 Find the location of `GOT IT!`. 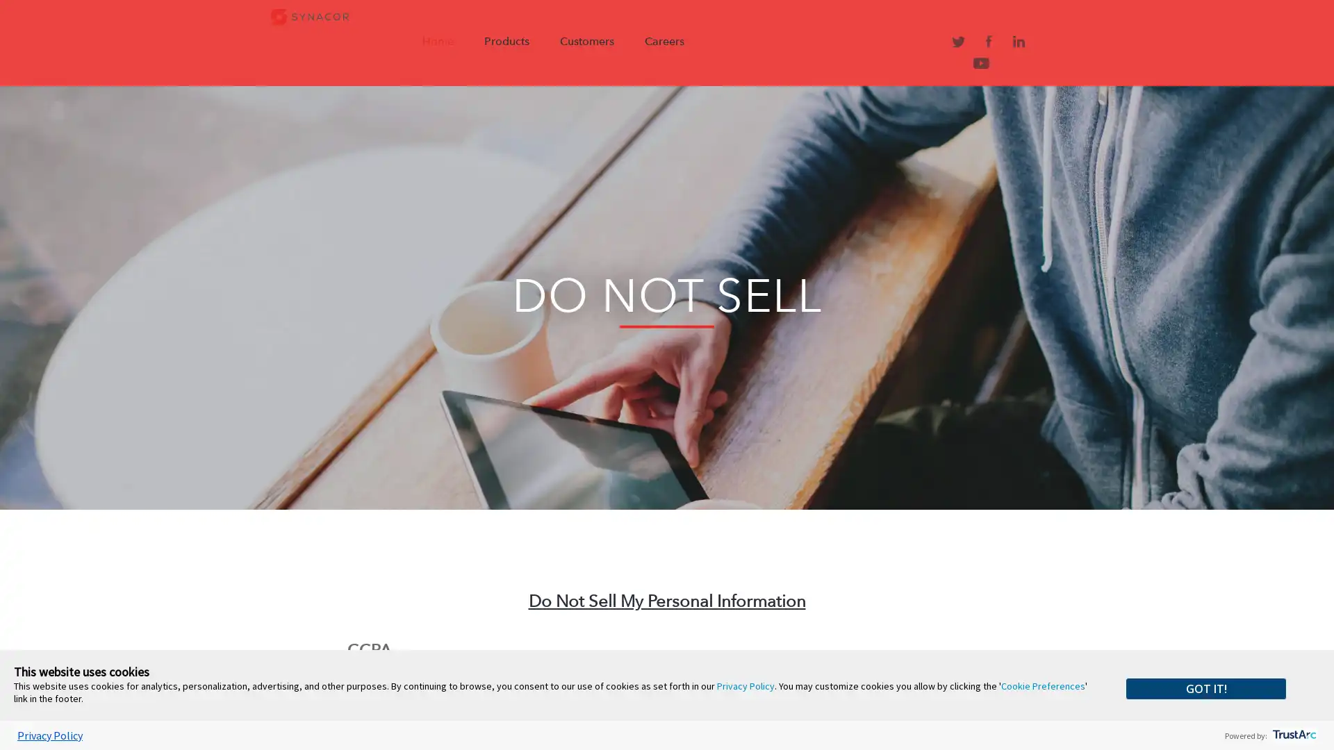

GOT IT! is located at coordinates (1205, 688).